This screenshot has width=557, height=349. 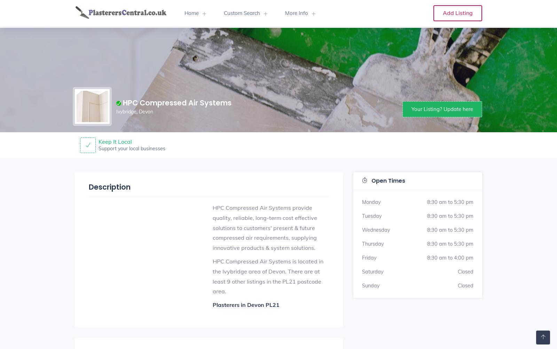 I want to click on 'HPC Compressed Air Systems', so click(x=123, y=103).